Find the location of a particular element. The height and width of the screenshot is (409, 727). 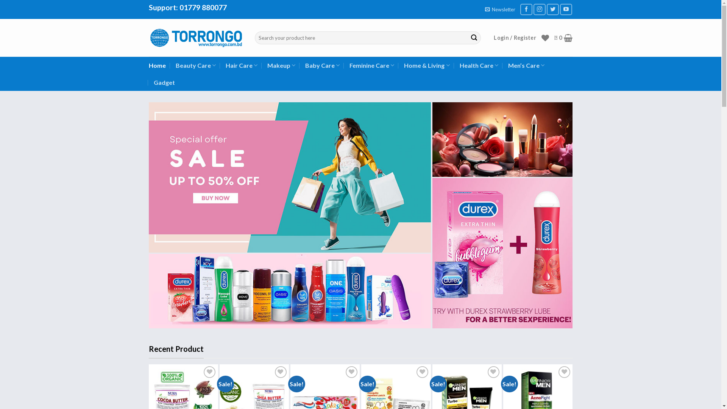

'Health Care' is located at coordinates (479, 65).